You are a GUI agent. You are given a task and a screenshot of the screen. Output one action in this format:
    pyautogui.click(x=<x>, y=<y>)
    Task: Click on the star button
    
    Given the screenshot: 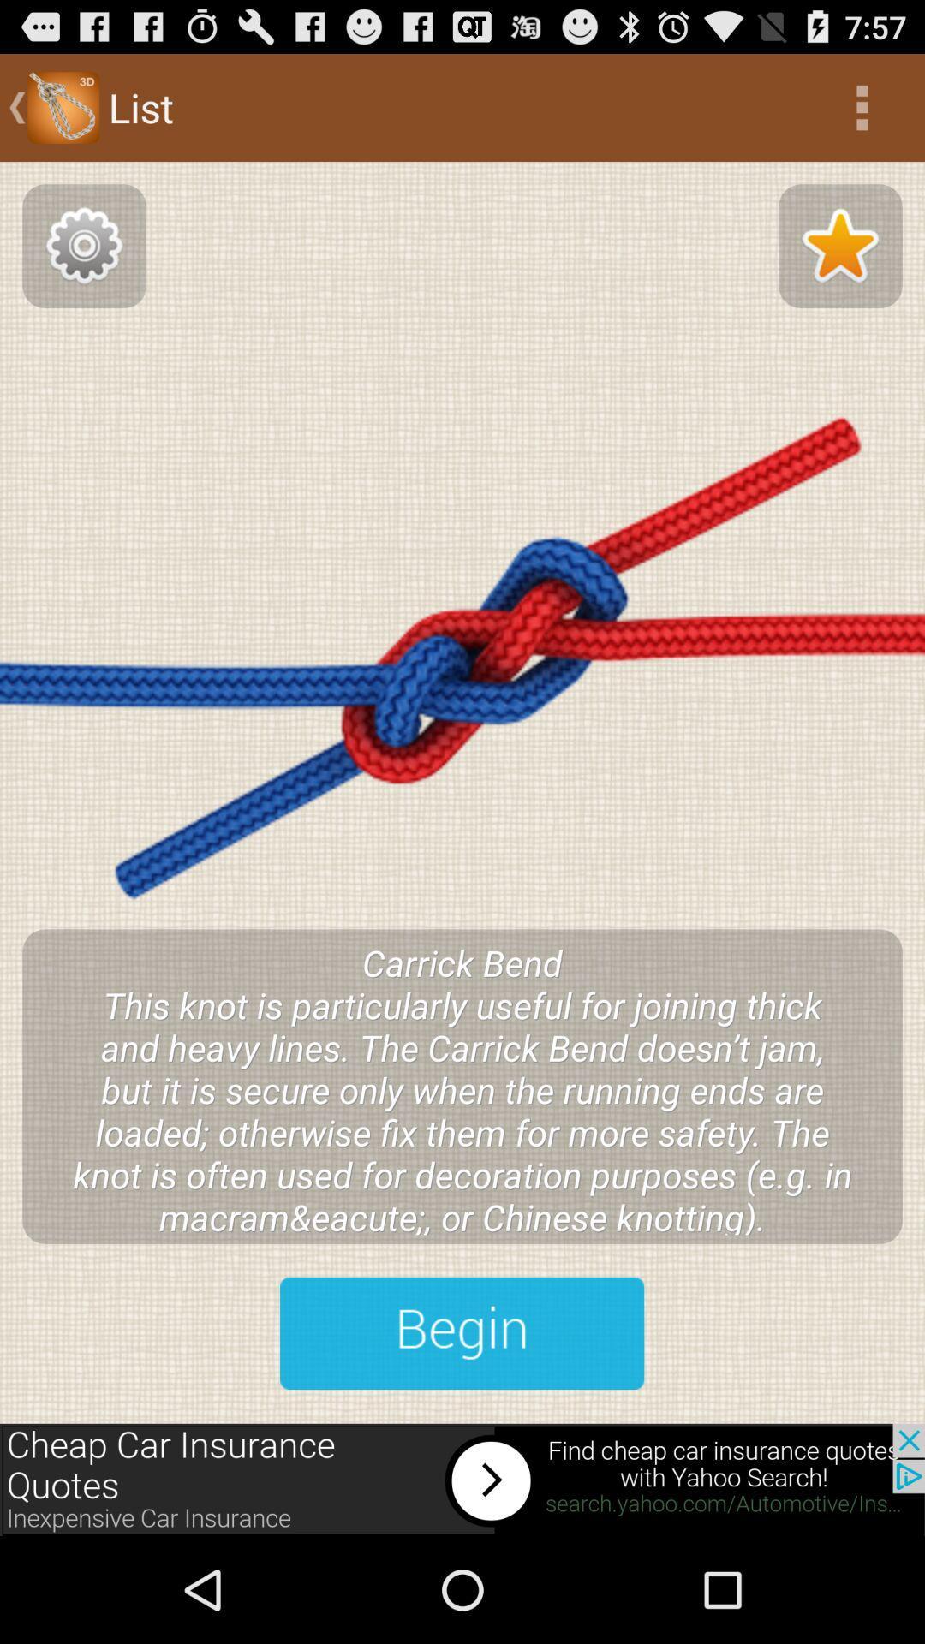 What is the action you would take?
    pyautogui.click(x=839, y=245)
    